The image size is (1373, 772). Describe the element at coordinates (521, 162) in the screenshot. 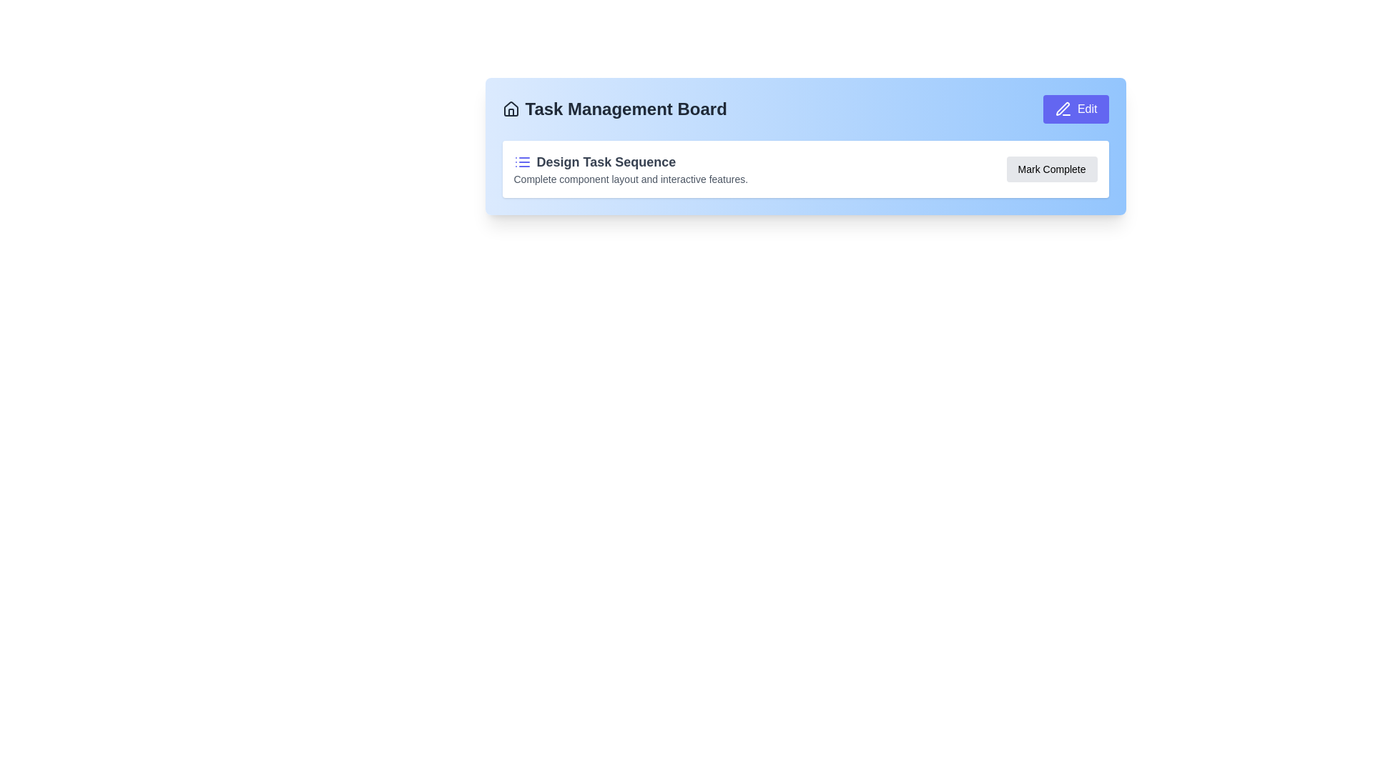

I see `the indigo-colored list icon with three horizontal lines located in the 'Design Task Sequence' section, positioned on the leftmost side adjacent to the title text` at that location.